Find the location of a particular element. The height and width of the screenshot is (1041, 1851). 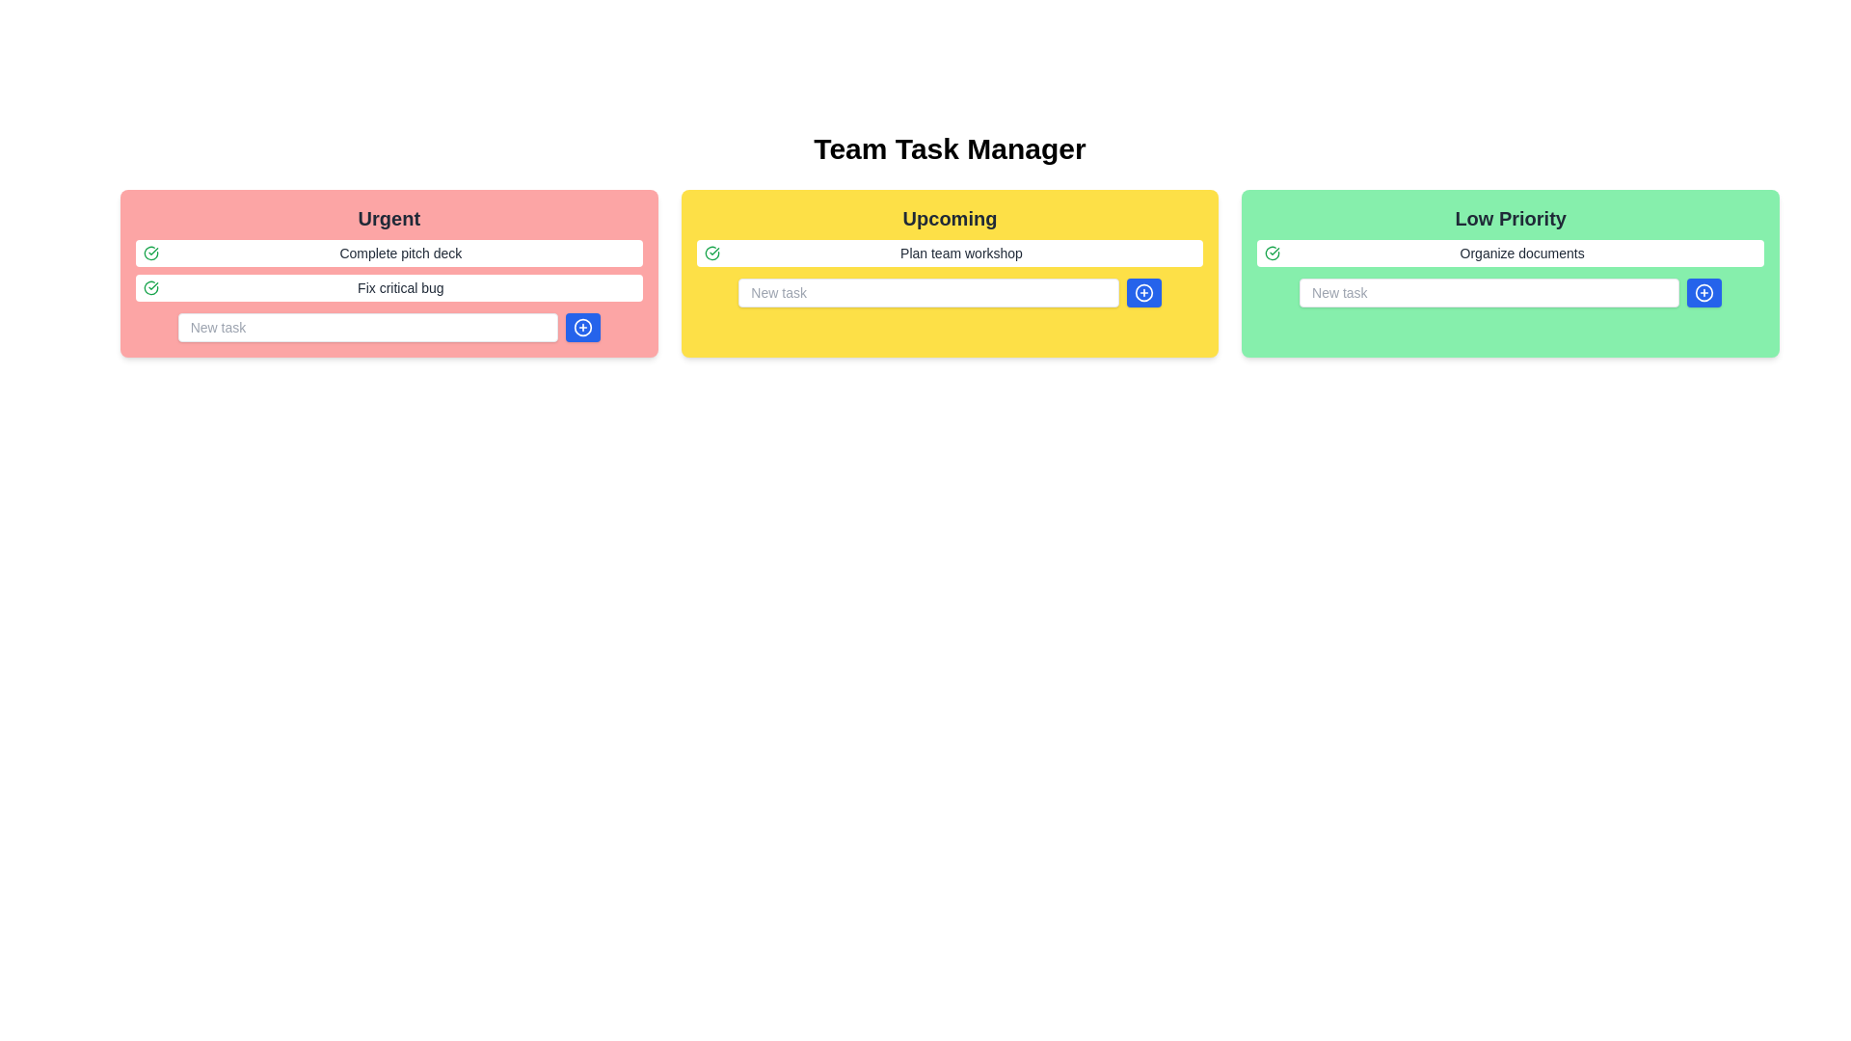

the text label displaying 'Complete pitch deck' in the 'Urgent' column, which is the second row of text entries and is flanked by a green circular check icon is located at coordinates (399, 252).